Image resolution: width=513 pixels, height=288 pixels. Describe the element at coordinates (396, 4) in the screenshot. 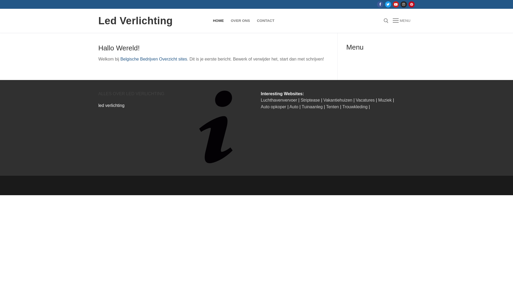

I see `'Youtube'` at that location.